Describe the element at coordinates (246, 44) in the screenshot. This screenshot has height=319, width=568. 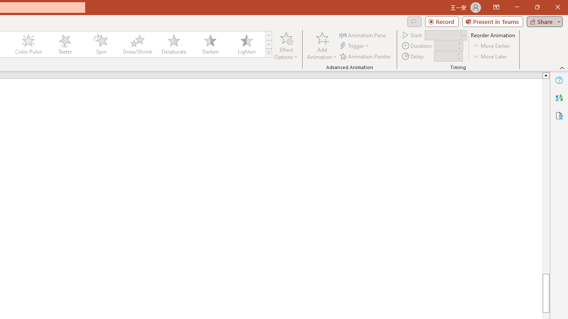
I see `'Lighten'` at that location.